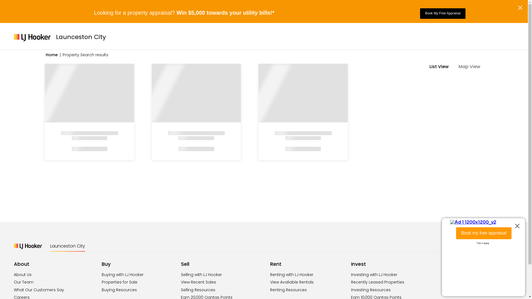  I want to click on 'Investing with LJ Hooker', so click(374, 274).